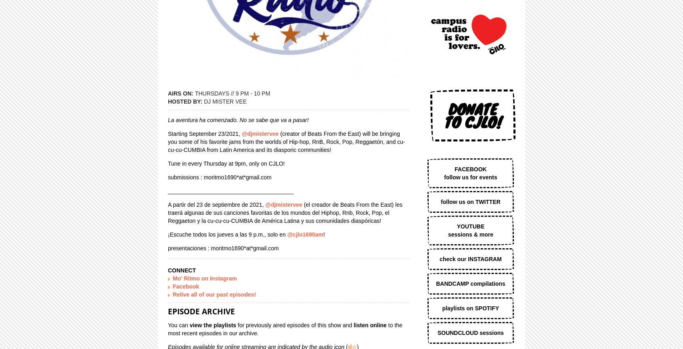 Image resolution: width=683 pixels, height=349 pixels. What do you see at coordinates (294, 324) in the screenshot?
I see `'for previously aired episodes of this show and'` at bounding box center [294, 324].